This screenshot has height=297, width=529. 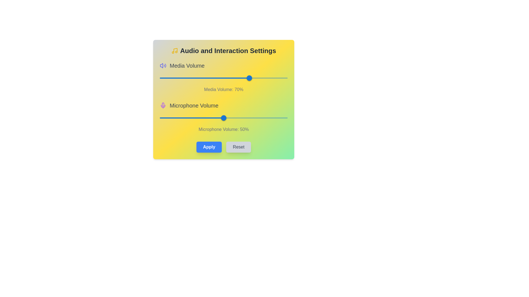 I want to click on the blue circular thumb control of the 'Media Volume' slider, currently positioned at 70%, so click(x=249, y=78).